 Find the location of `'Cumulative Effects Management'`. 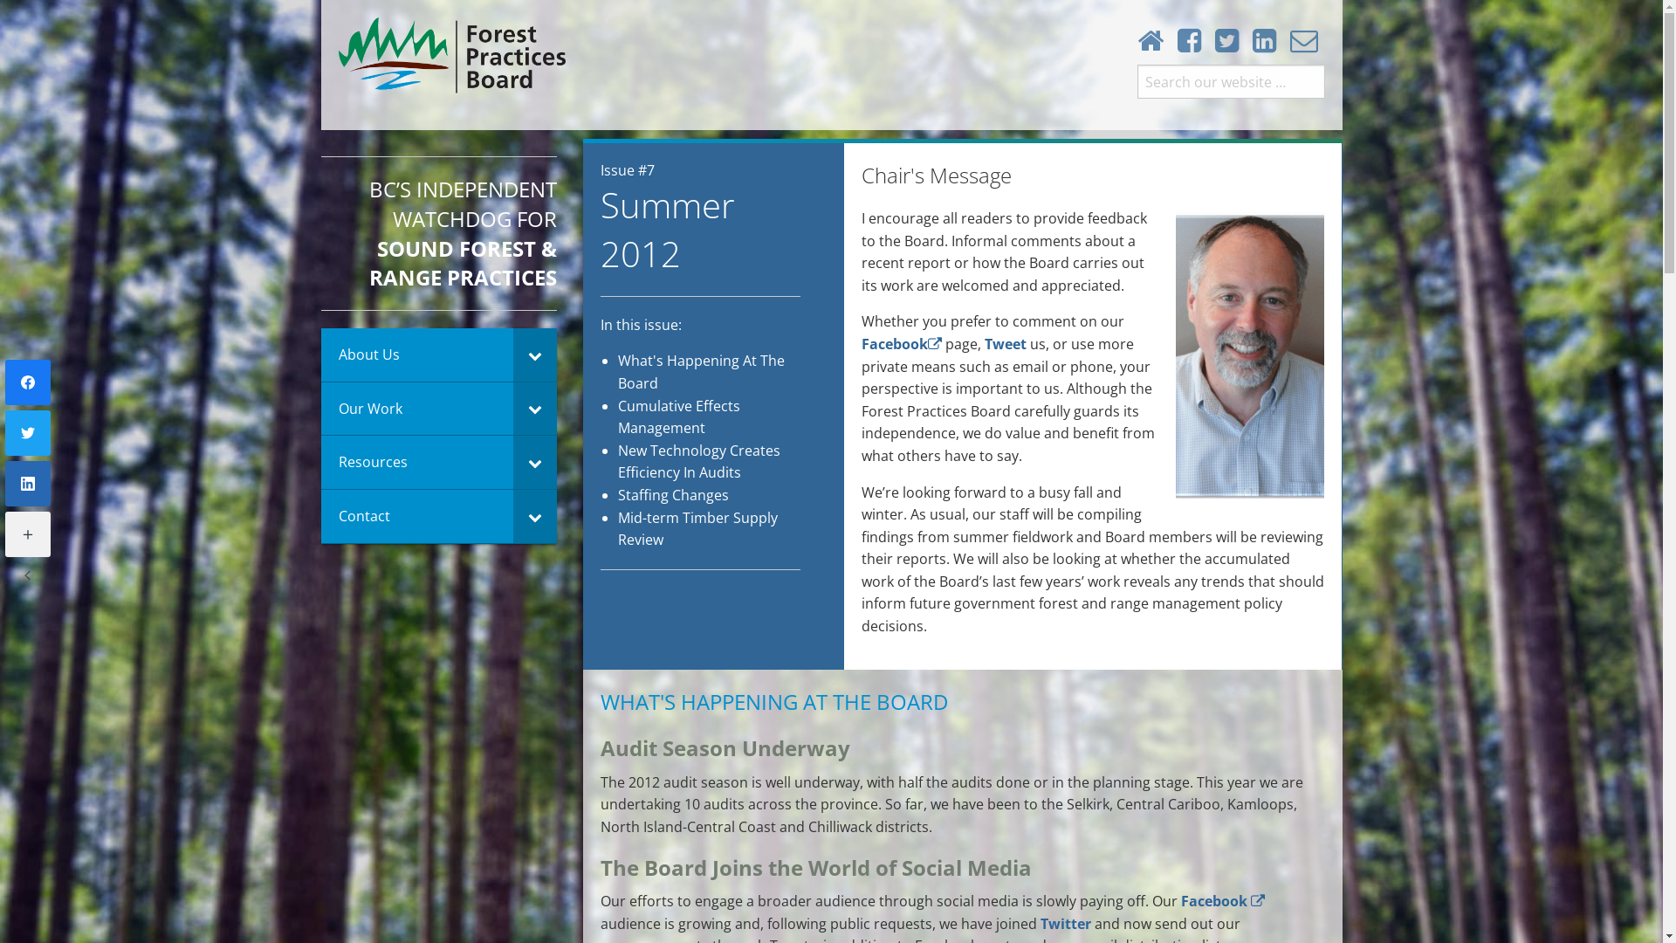

'Cumulative Effects Management' is located at coordinates (677, 417).